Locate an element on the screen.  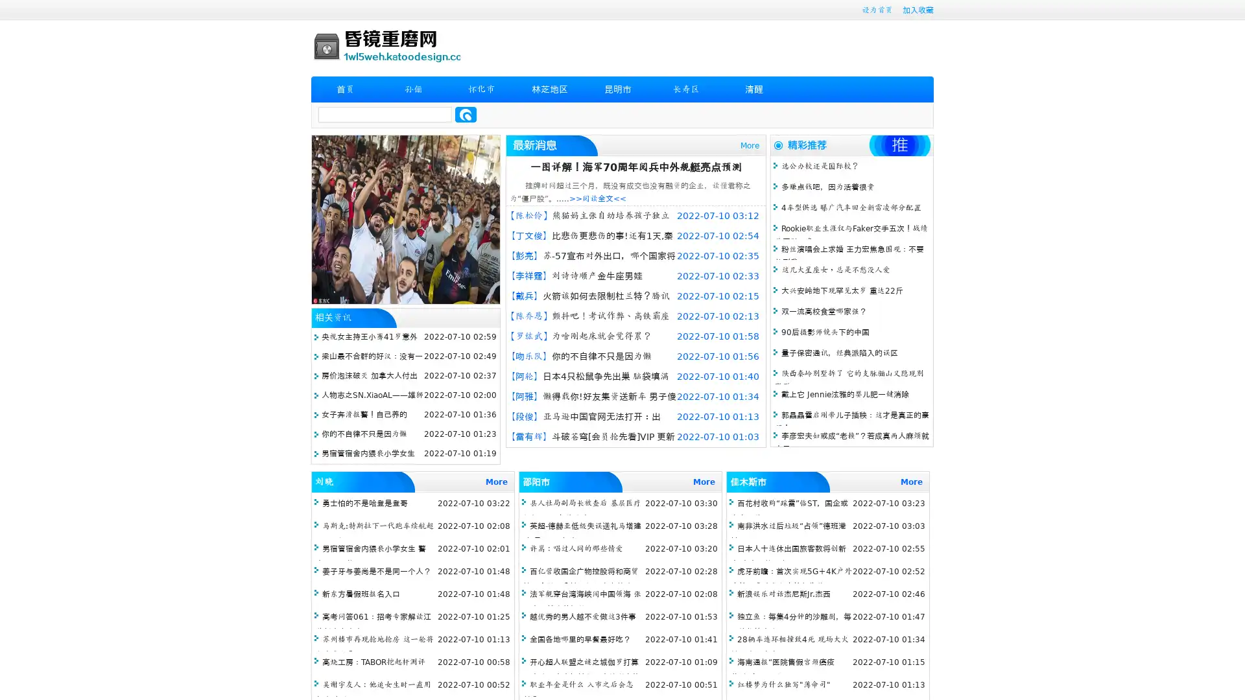
Search is located at coordinates (466, 114).